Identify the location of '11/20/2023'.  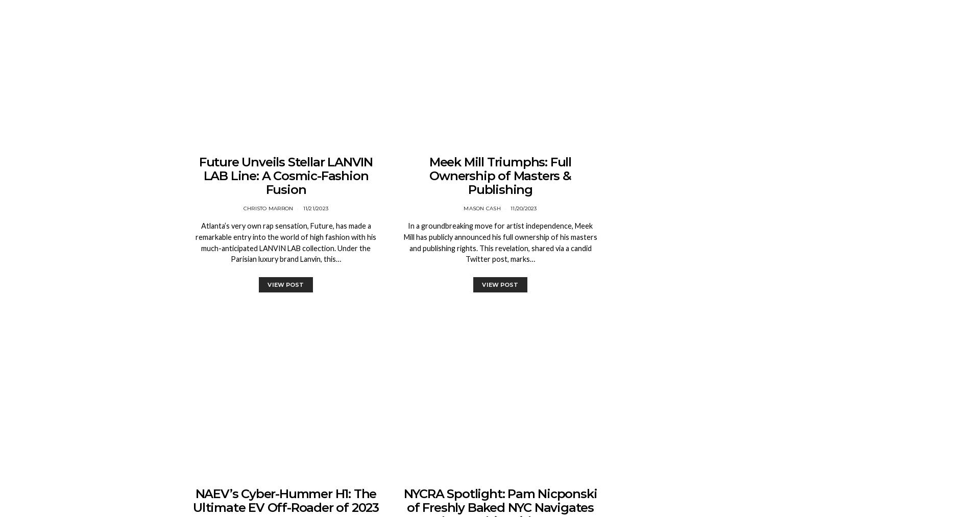
(510, 208).